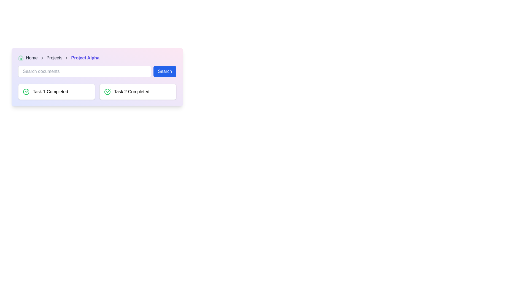  I want to click on the right-pointing chevron icon in the breadcrumb navigation, which is located between 'Home' and 'Projects', so click(42, 58).